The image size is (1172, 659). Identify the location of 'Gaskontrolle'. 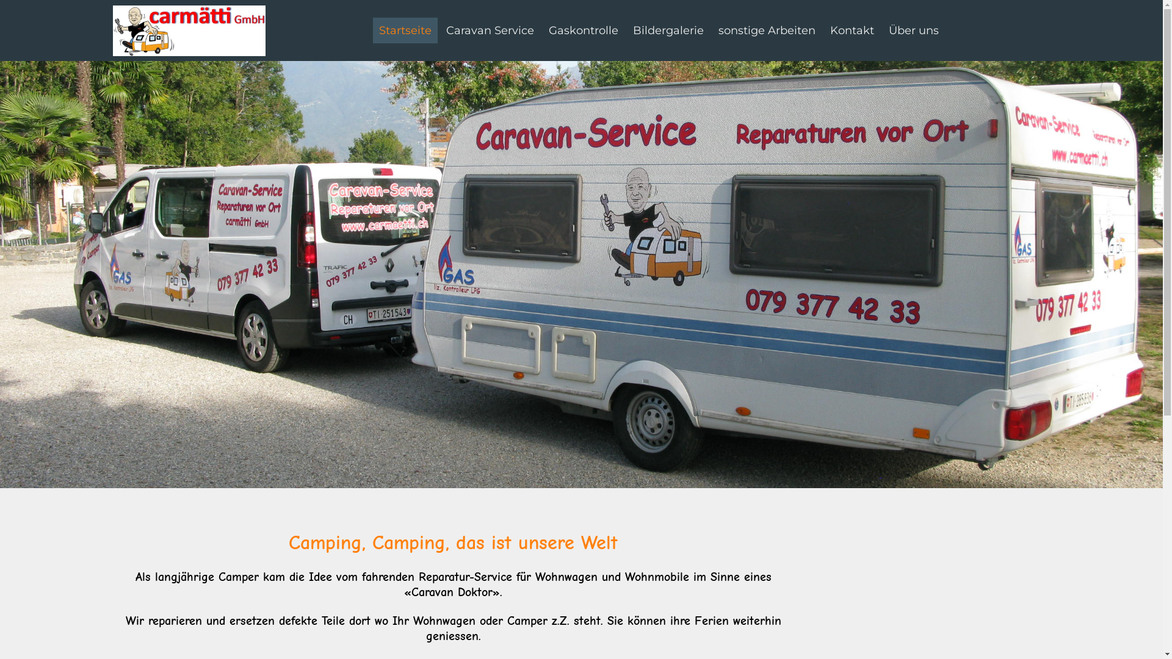
(548, 30).